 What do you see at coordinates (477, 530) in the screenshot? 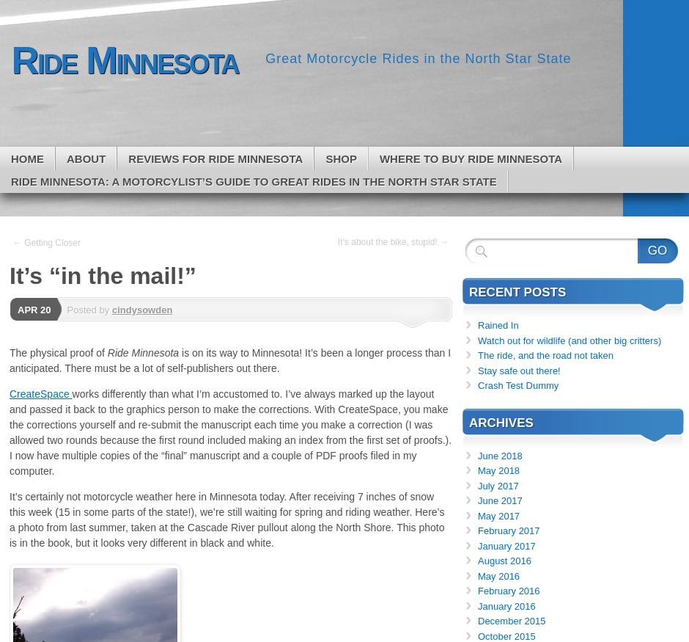
I see `'February 2017'` at bounding box center [477, 530].